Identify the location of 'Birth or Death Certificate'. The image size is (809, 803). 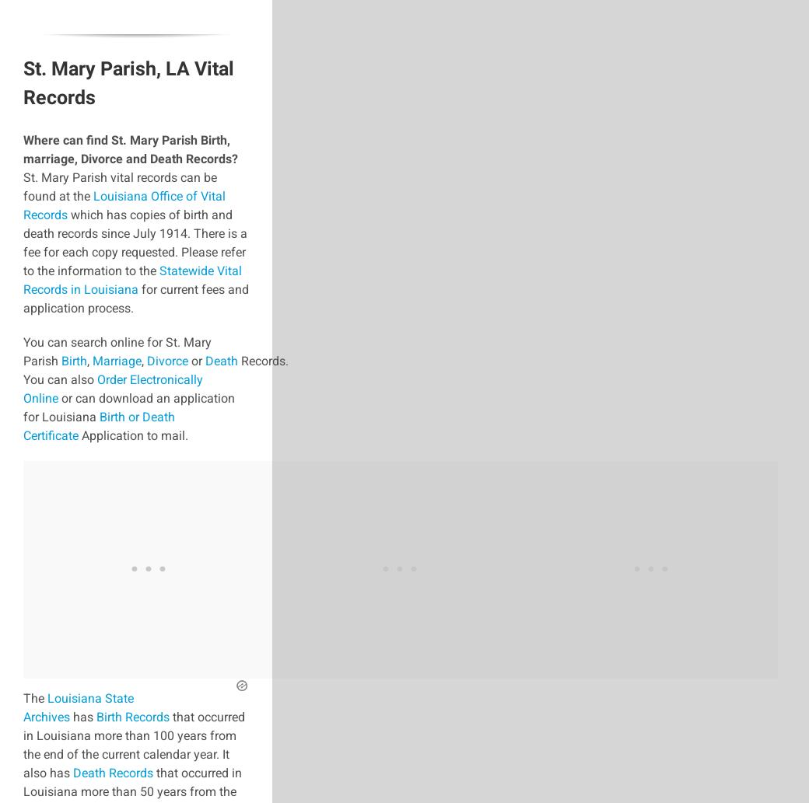
(98, 425).